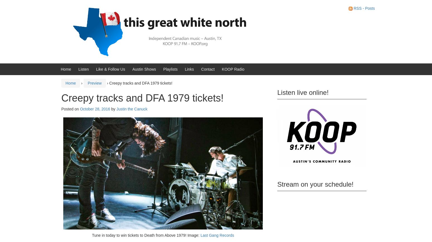  What do you see at coordinates (189, 69) in the screenshot?
I see `'Links'` at bounding box center [189, 69].